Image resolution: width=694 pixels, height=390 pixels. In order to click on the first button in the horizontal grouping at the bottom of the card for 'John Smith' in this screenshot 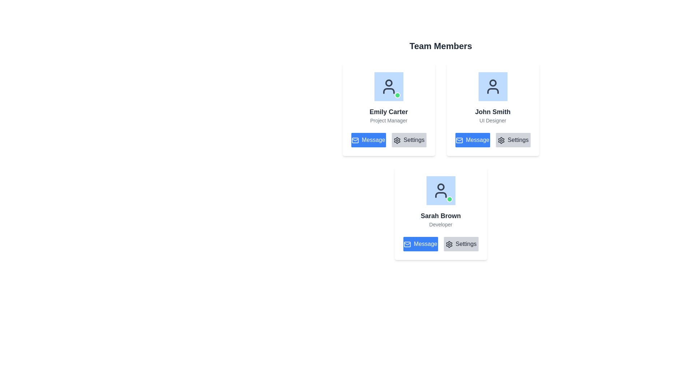, I will do `click(472, 140)`.